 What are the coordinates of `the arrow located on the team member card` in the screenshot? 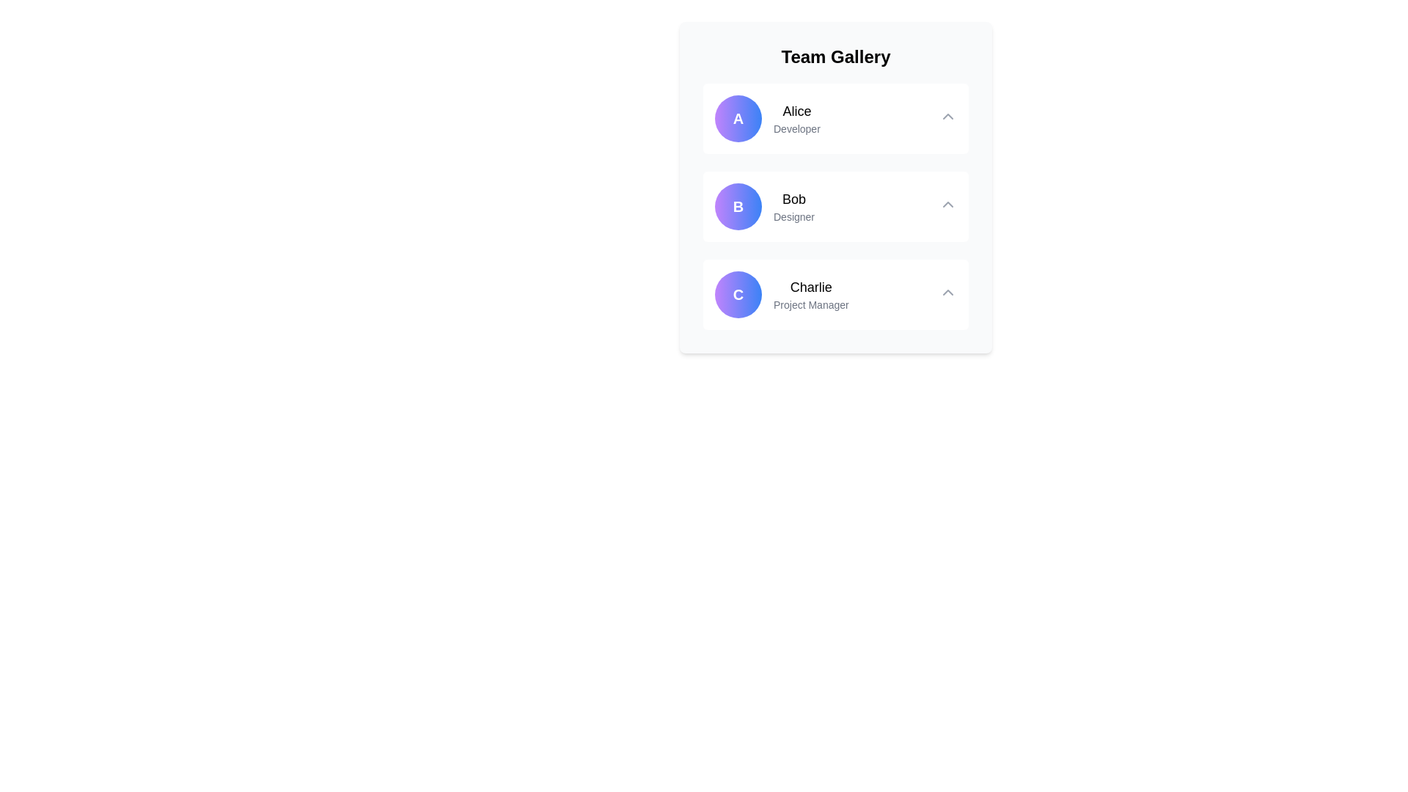 It's located at (836, 294).